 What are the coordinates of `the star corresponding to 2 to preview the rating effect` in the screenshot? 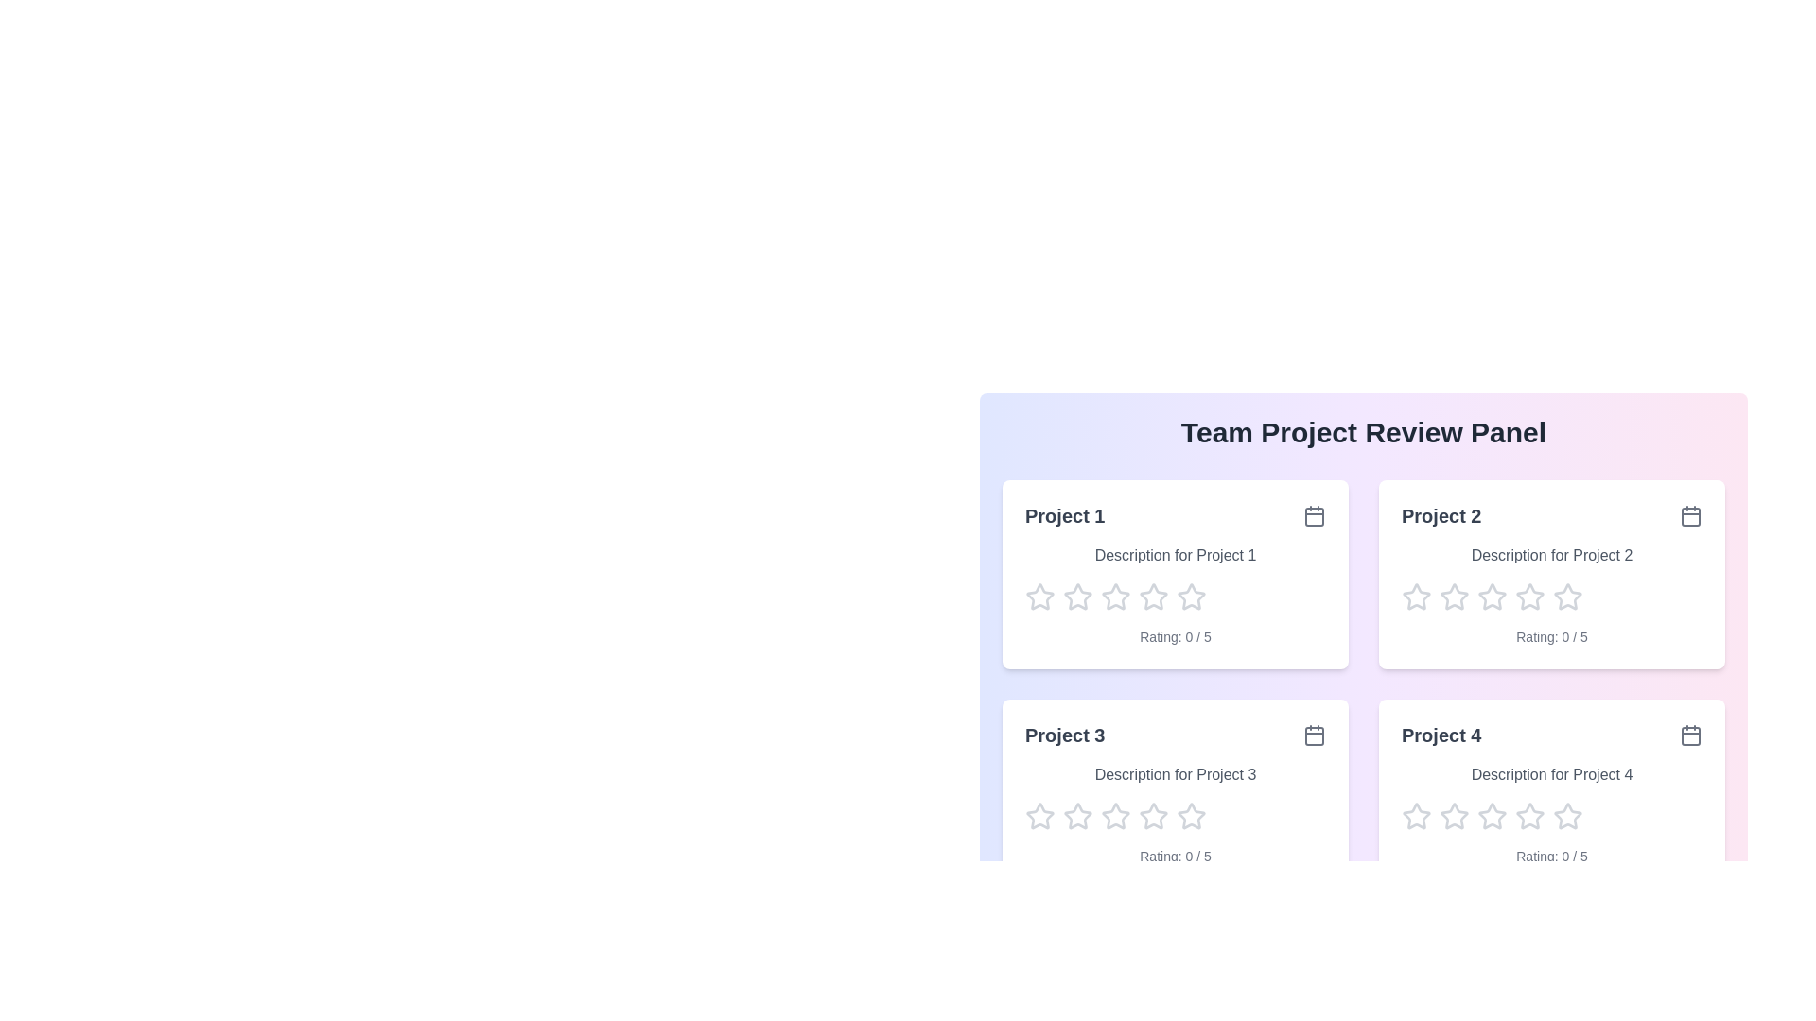 It's located at (1078, 597).